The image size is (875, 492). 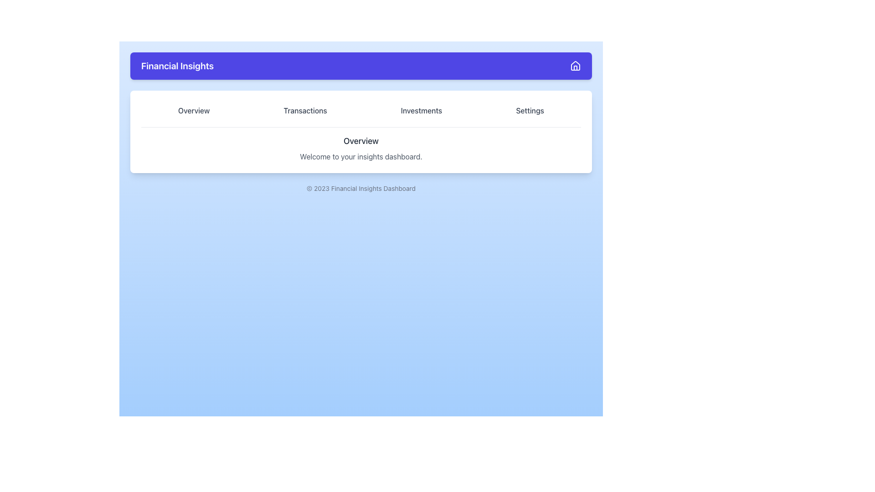 I want to click on the 'Investments' tab in the horizontal navigation menu, so click(x=421, y=110).